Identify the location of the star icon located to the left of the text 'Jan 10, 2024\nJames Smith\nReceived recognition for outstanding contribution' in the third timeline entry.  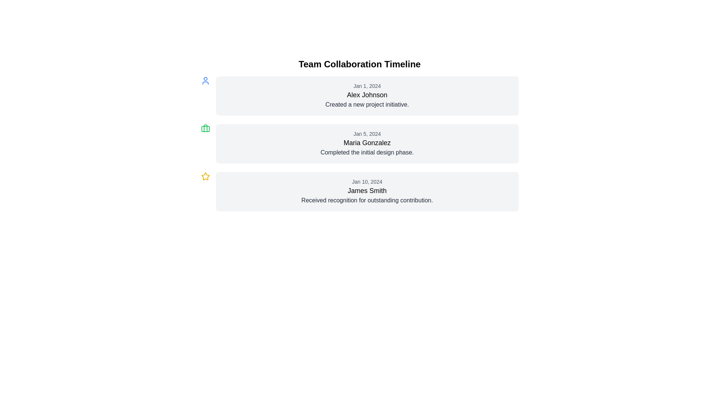
(205, 176).